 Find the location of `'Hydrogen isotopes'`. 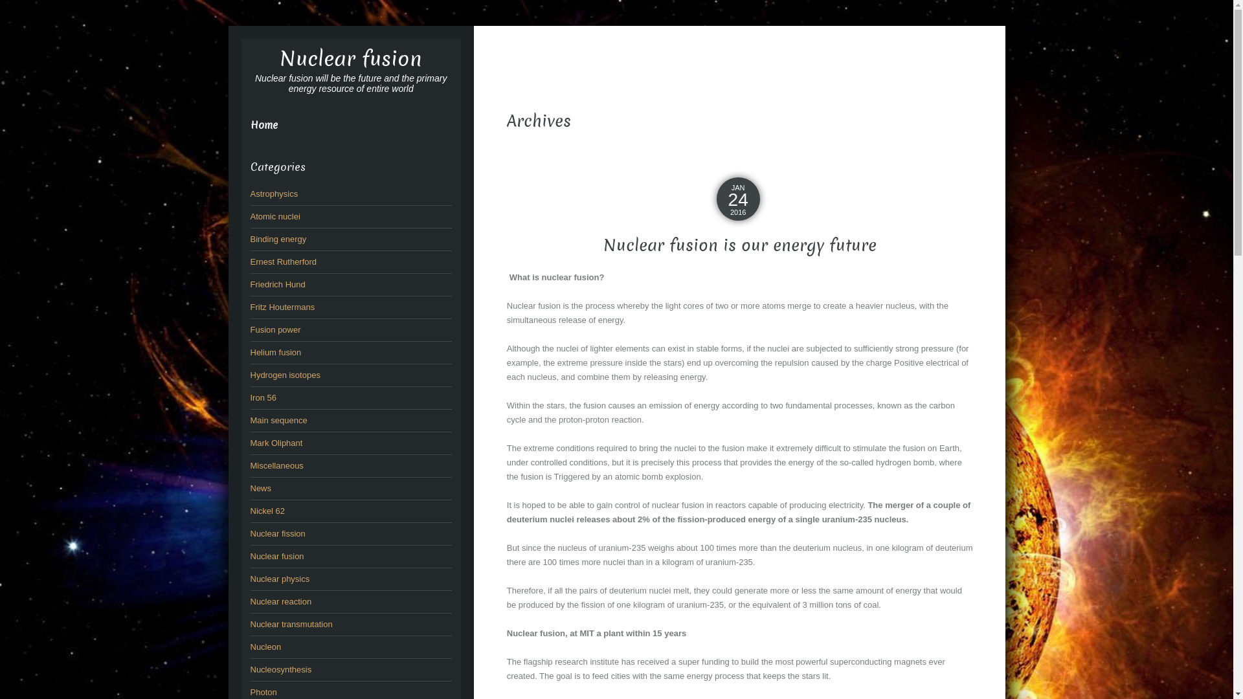

'Hydrogen isotopes' is located at coordinates (284, 375).